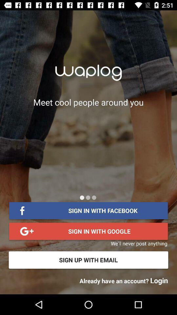  Describe the element at coordinates (94, 197) in the screenshot. I see `icon above the sign in with item` at that location.